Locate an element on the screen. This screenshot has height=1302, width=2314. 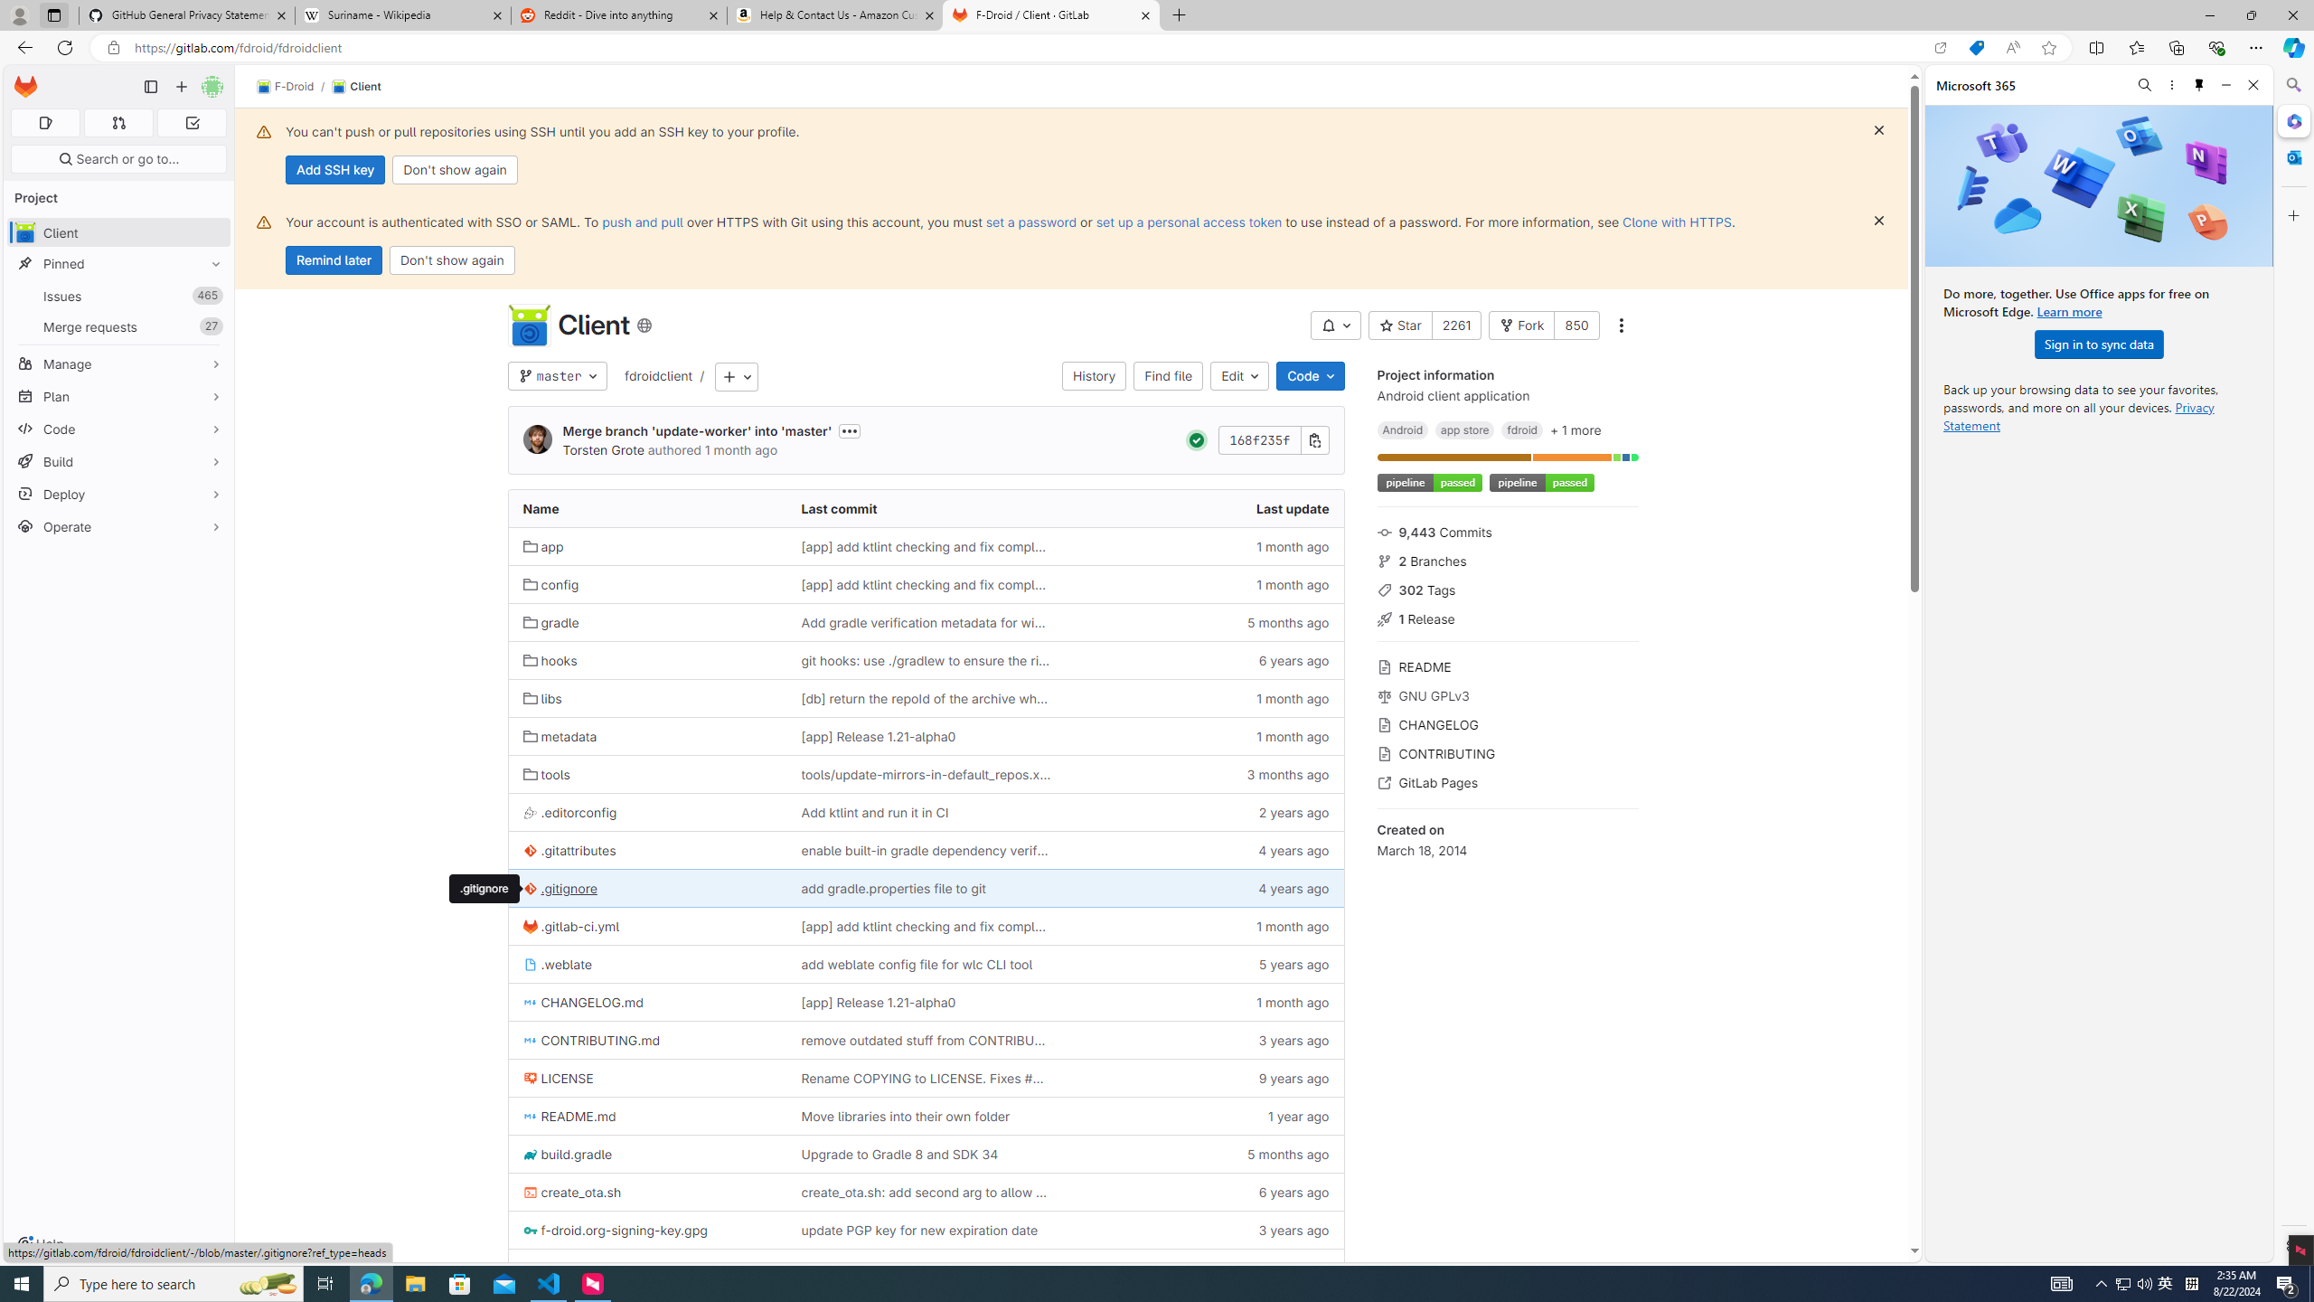
'Move libraries into their own folder' is located at coordinates (906, 1115).